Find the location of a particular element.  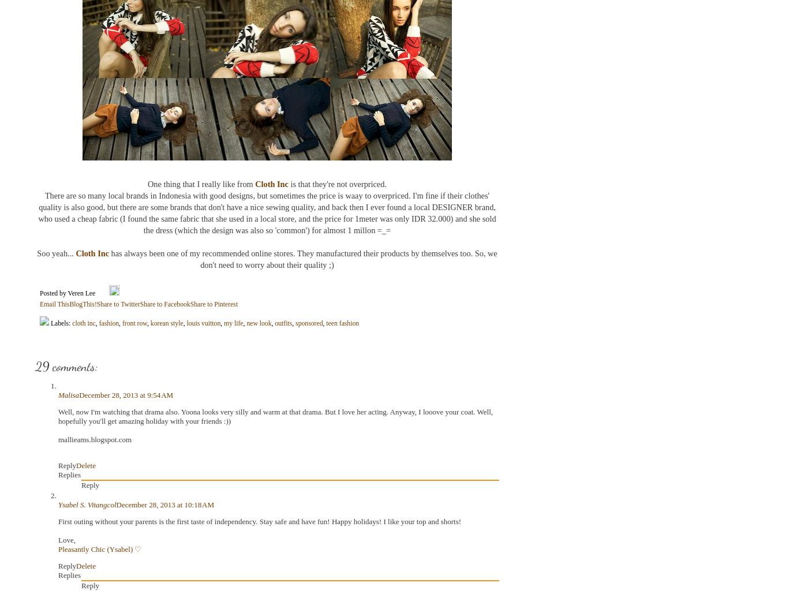

'Pleasantly Chic (Ysabel) ♡' is located at coordinates (99, 549).